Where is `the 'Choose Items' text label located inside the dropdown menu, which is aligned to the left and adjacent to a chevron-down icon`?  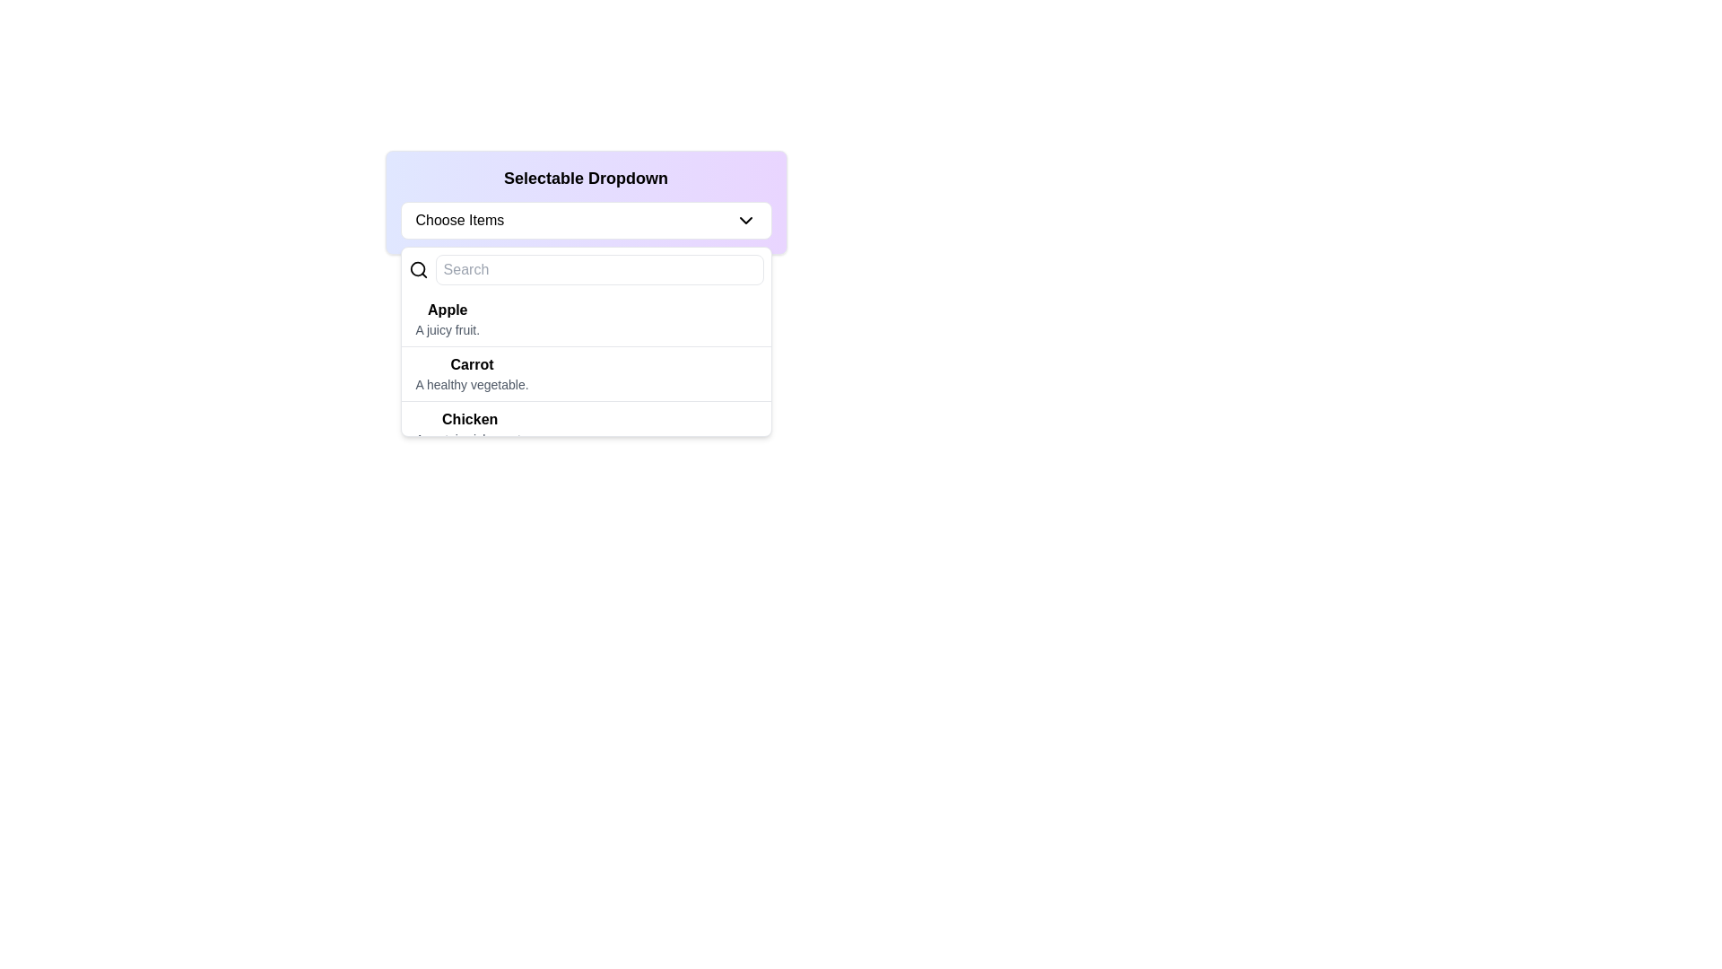 the 'Choose Items' text label located inside the dropdown menu, which is aligned to the left and adjacent to a chevron-down icon is located at coordinates (459, 220).